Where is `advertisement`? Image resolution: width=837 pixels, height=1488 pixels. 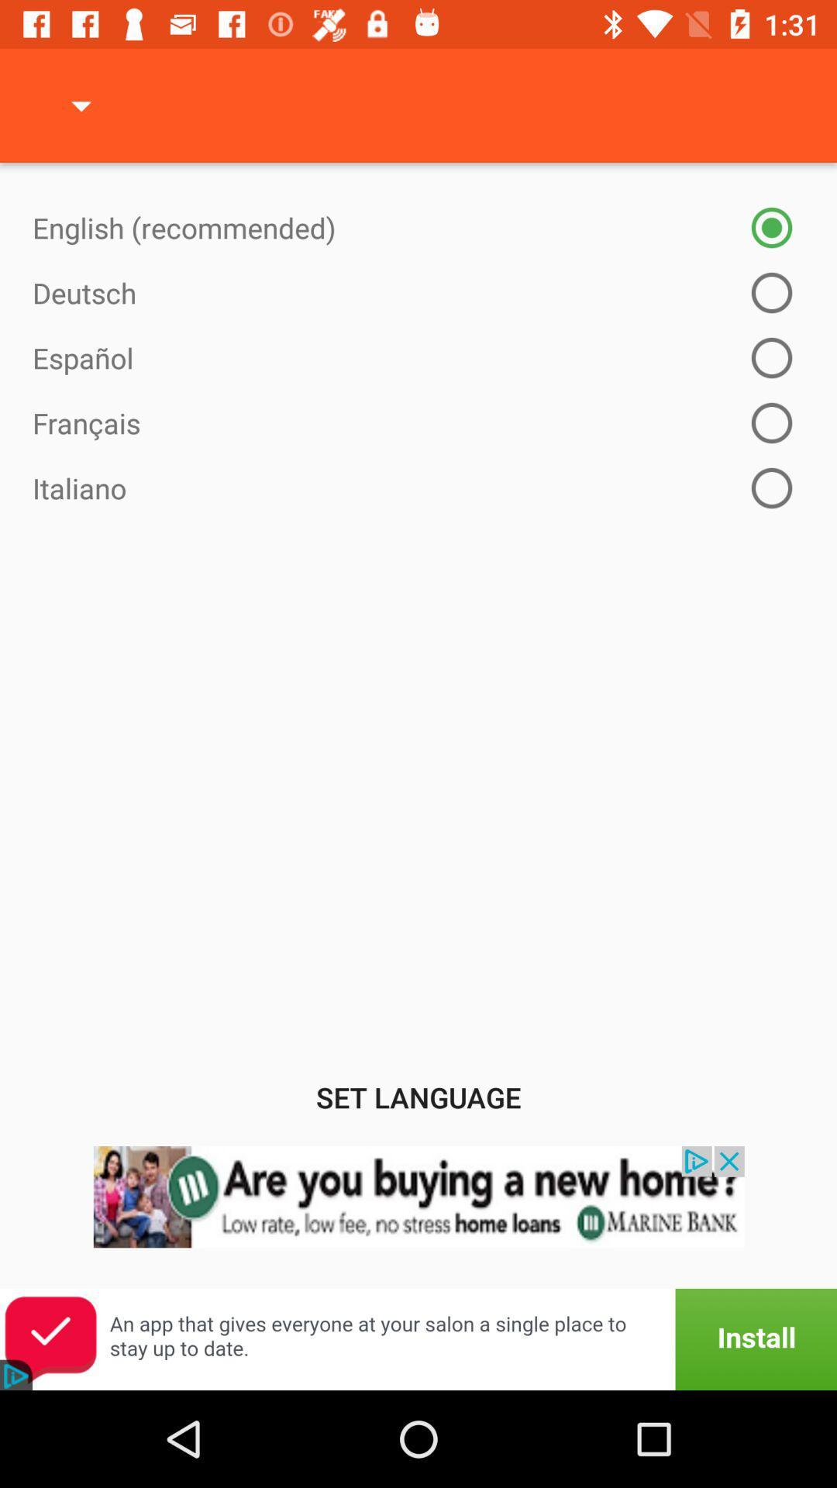
advertisement is located at coordinates (418, 1216).